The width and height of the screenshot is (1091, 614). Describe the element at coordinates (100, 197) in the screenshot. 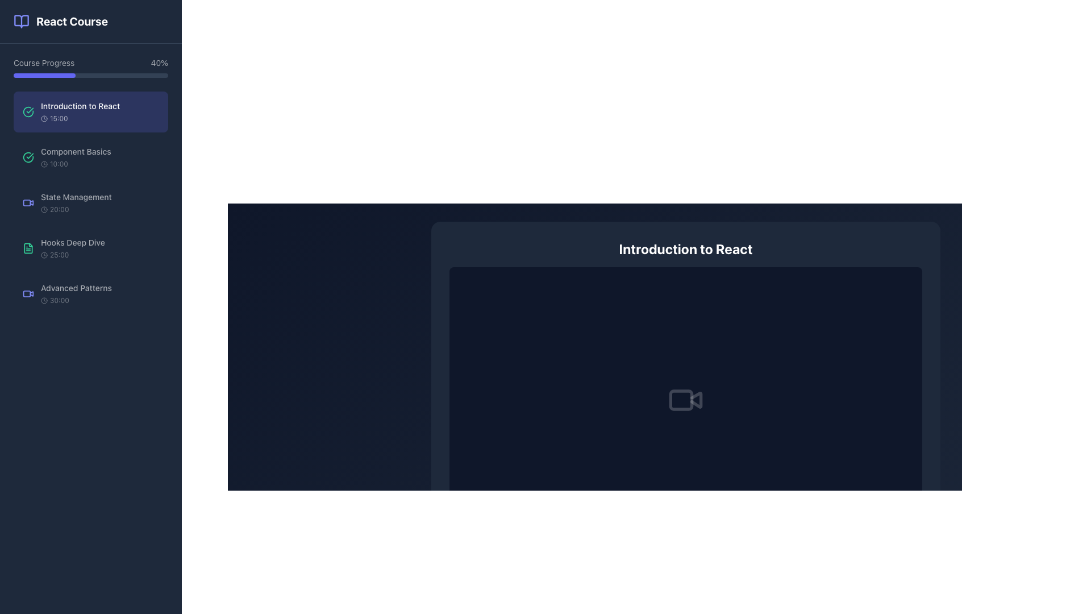

I see `the text label 'State Management' located` at that location.